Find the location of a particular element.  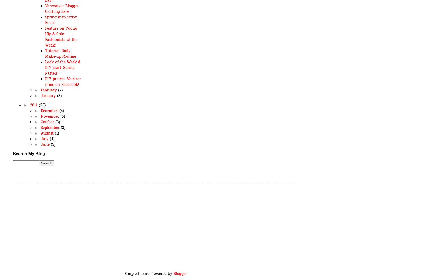

'Look of the Week & DIY skirt: Spring Pastels' is located at coordinates (63, 68).